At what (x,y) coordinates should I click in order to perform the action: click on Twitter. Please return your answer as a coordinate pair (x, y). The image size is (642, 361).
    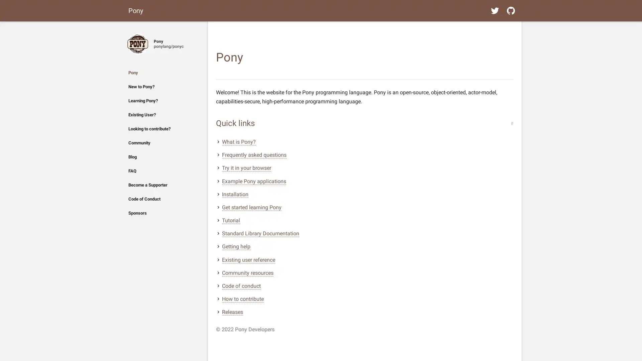
    Looking at the image, I should click on (495, 10).